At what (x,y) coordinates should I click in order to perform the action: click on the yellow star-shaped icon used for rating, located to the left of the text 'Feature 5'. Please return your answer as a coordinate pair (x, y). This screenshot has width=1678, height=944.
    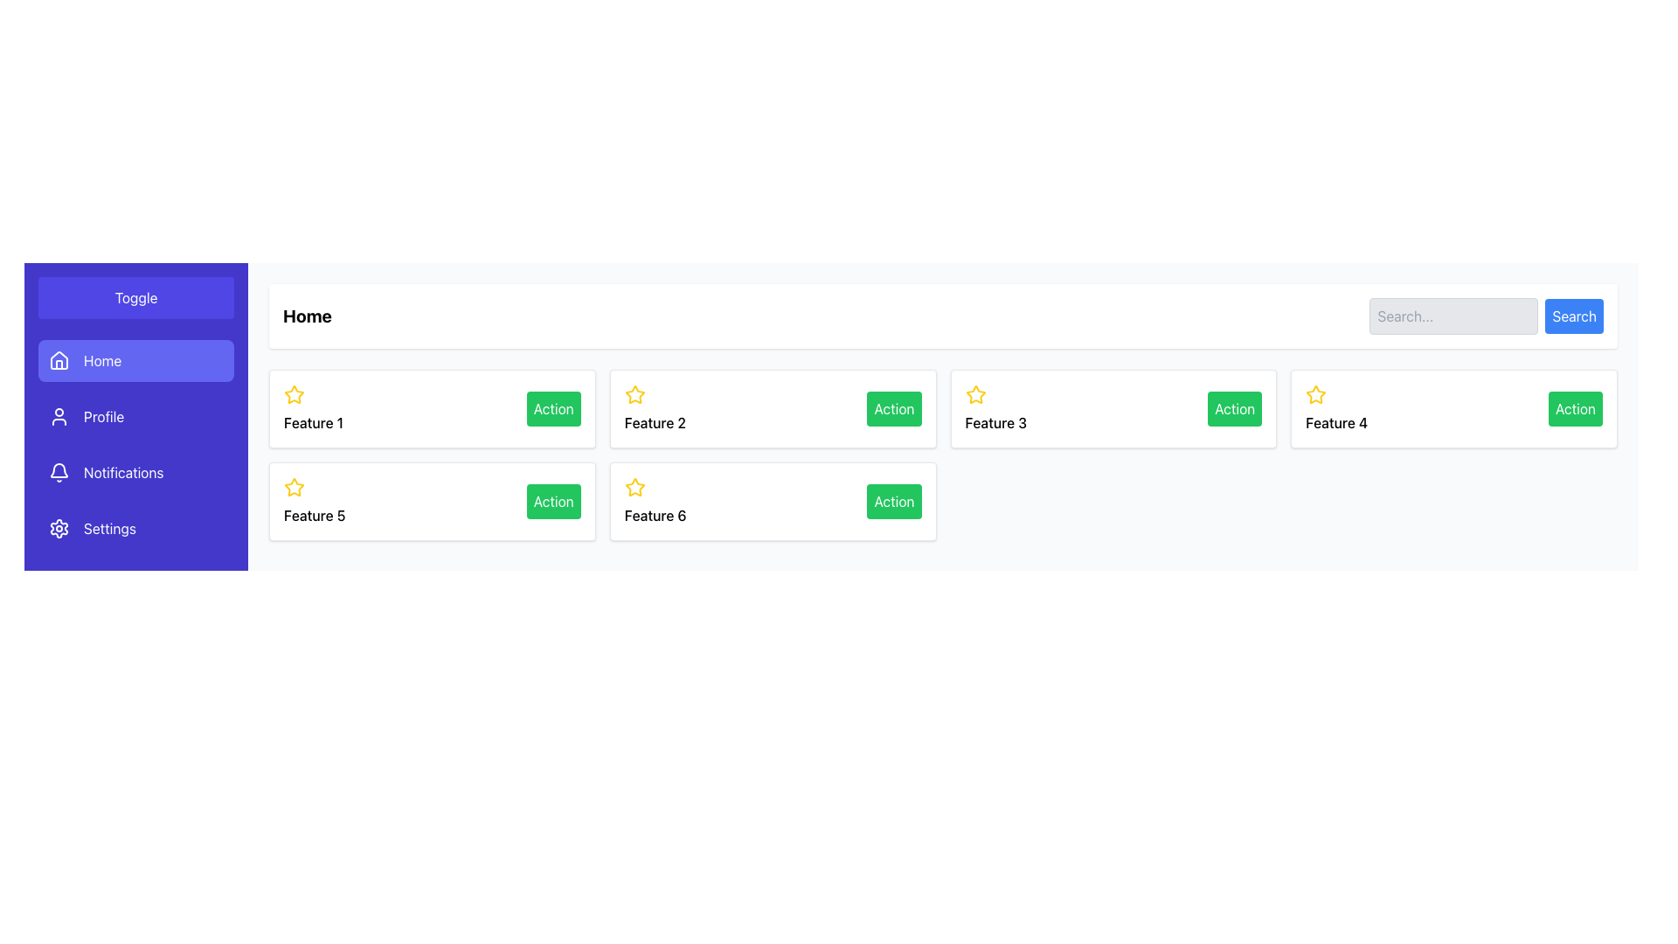
    Looking at the image, I should click on (294, 488).